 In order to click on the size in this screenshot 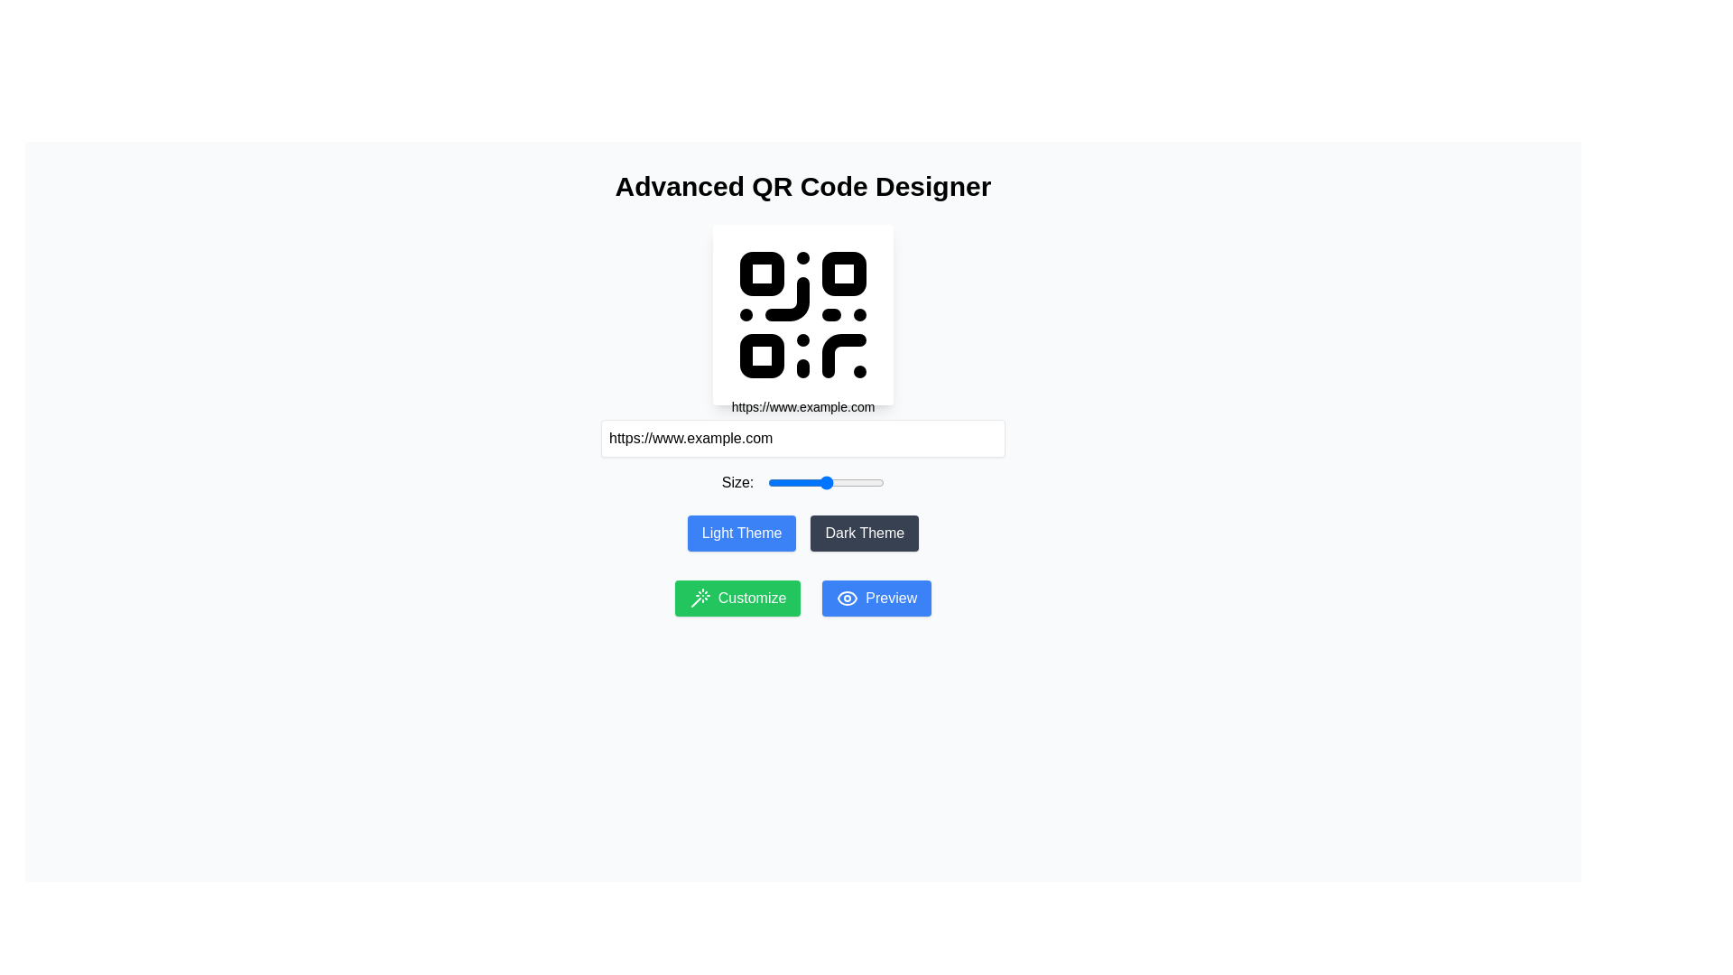, I will do `click(865, 482)`.